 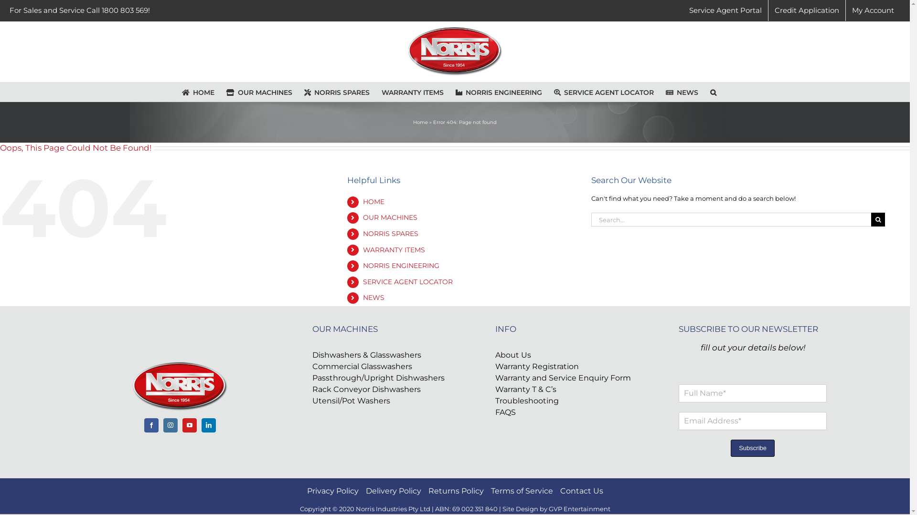 I want to click on 'Home', so click(x=420, y=122).